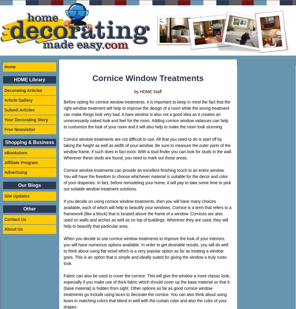 The image size is (296, 309). I want to click on 'Other', so click(29, 208).